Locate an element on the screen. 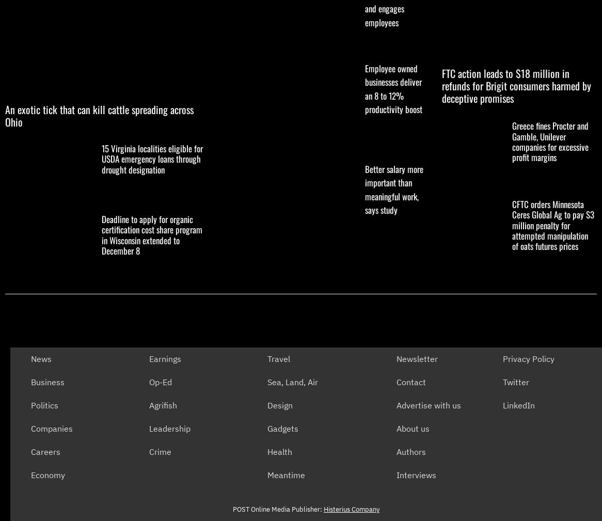  'Politics' is located at coordinates (30, 405).